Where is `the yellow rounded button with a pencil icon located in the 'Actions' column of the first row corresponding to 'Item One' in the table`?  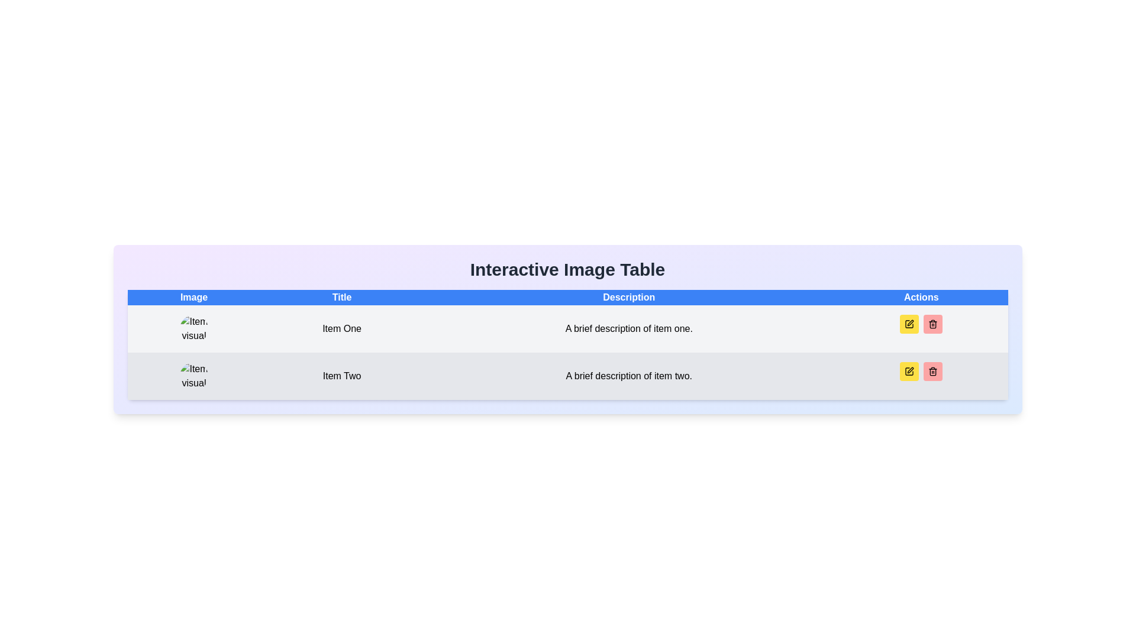 the yellow rounded button with a pencil icon located in the 'Actions' column of the first row corresponding to 'Item One' in the table is located at coordinates (909, 324).